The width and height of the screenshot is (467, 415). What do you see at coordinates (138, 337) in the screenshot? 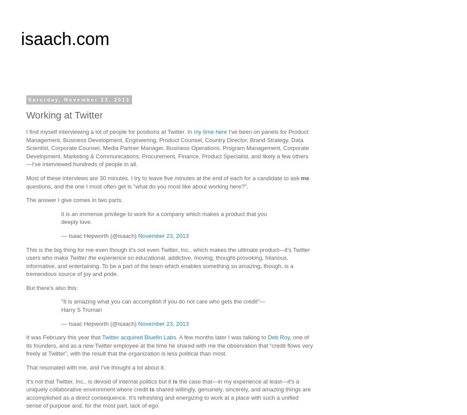
I see `'Twitter acquired Bluefin Labs'` at bounding box center [138, 337].